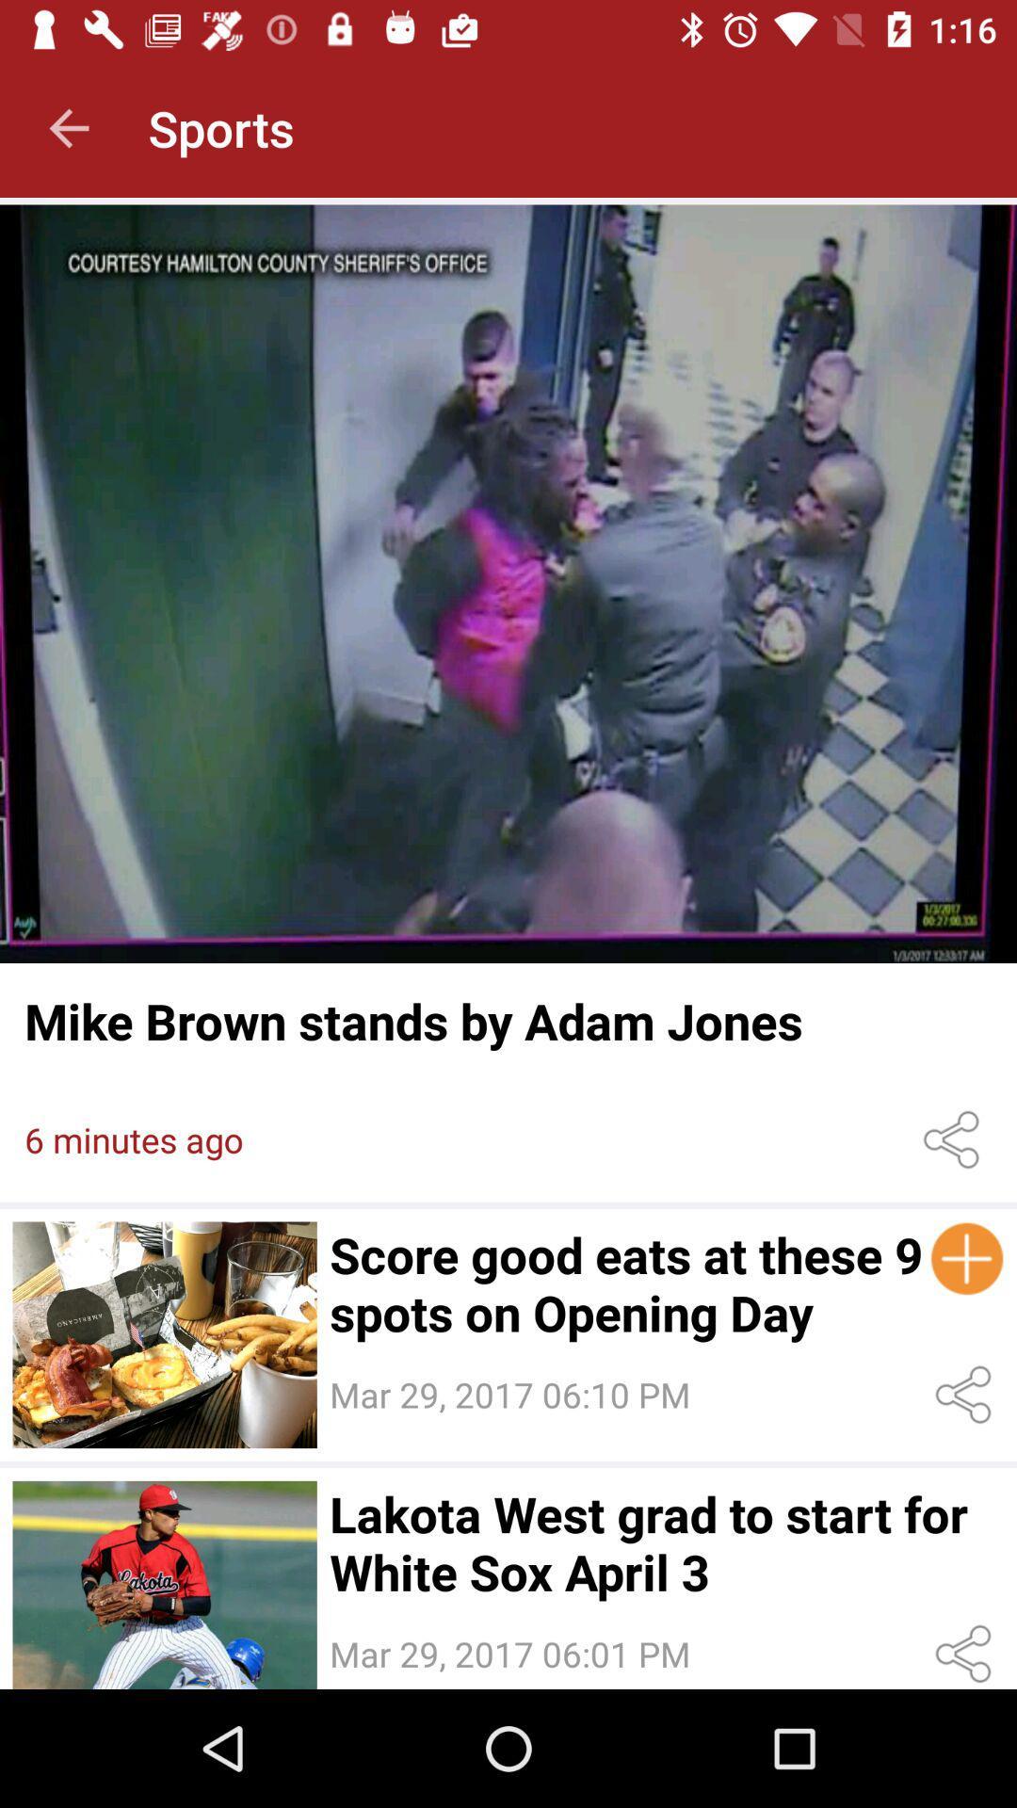  I want to click on opens this story, so click(164, 1584).